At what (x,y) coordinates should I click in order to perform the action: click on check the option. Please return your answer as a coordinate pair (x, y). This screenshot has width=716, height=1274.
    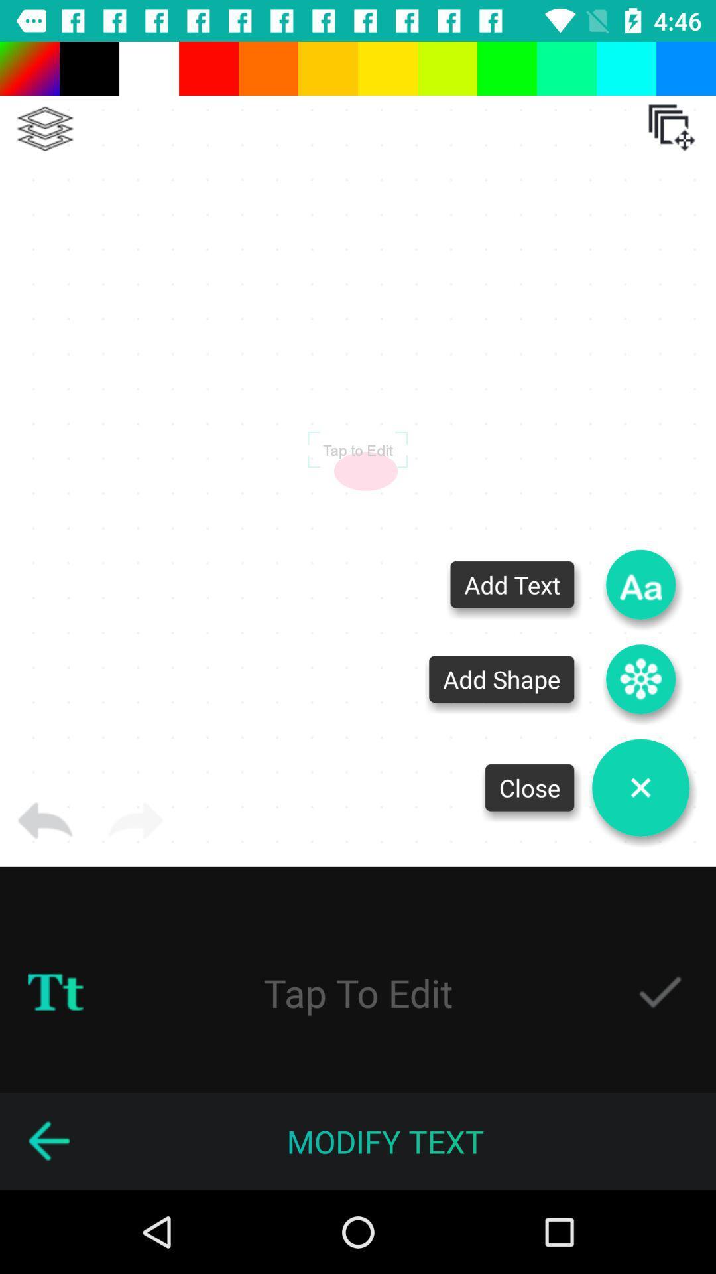
    Looking at the image, I should click on (660, 993).